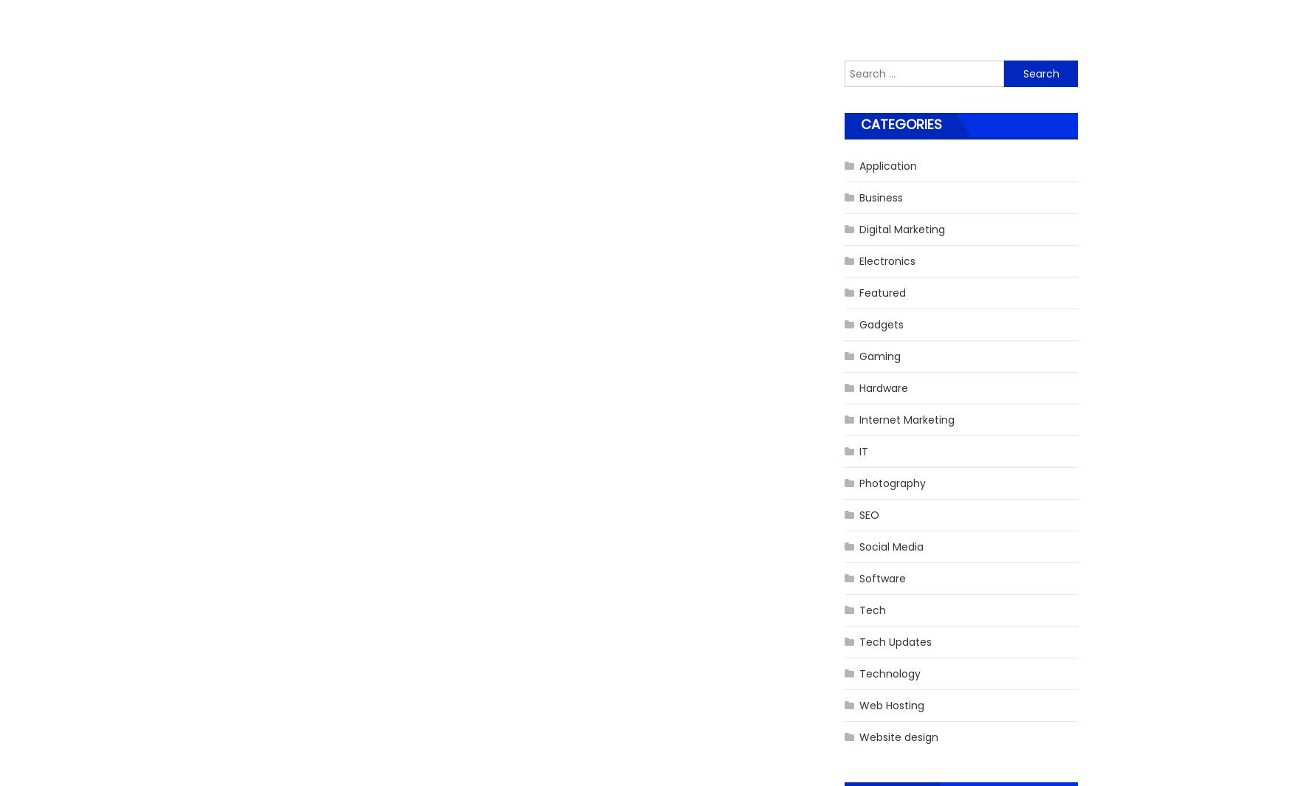 This screenshot has height=786, width=1292. What do you see at coordinates (907, 418) in the screenshot?
I see `'Internet Marketing'` at bounding box center [907, 418].